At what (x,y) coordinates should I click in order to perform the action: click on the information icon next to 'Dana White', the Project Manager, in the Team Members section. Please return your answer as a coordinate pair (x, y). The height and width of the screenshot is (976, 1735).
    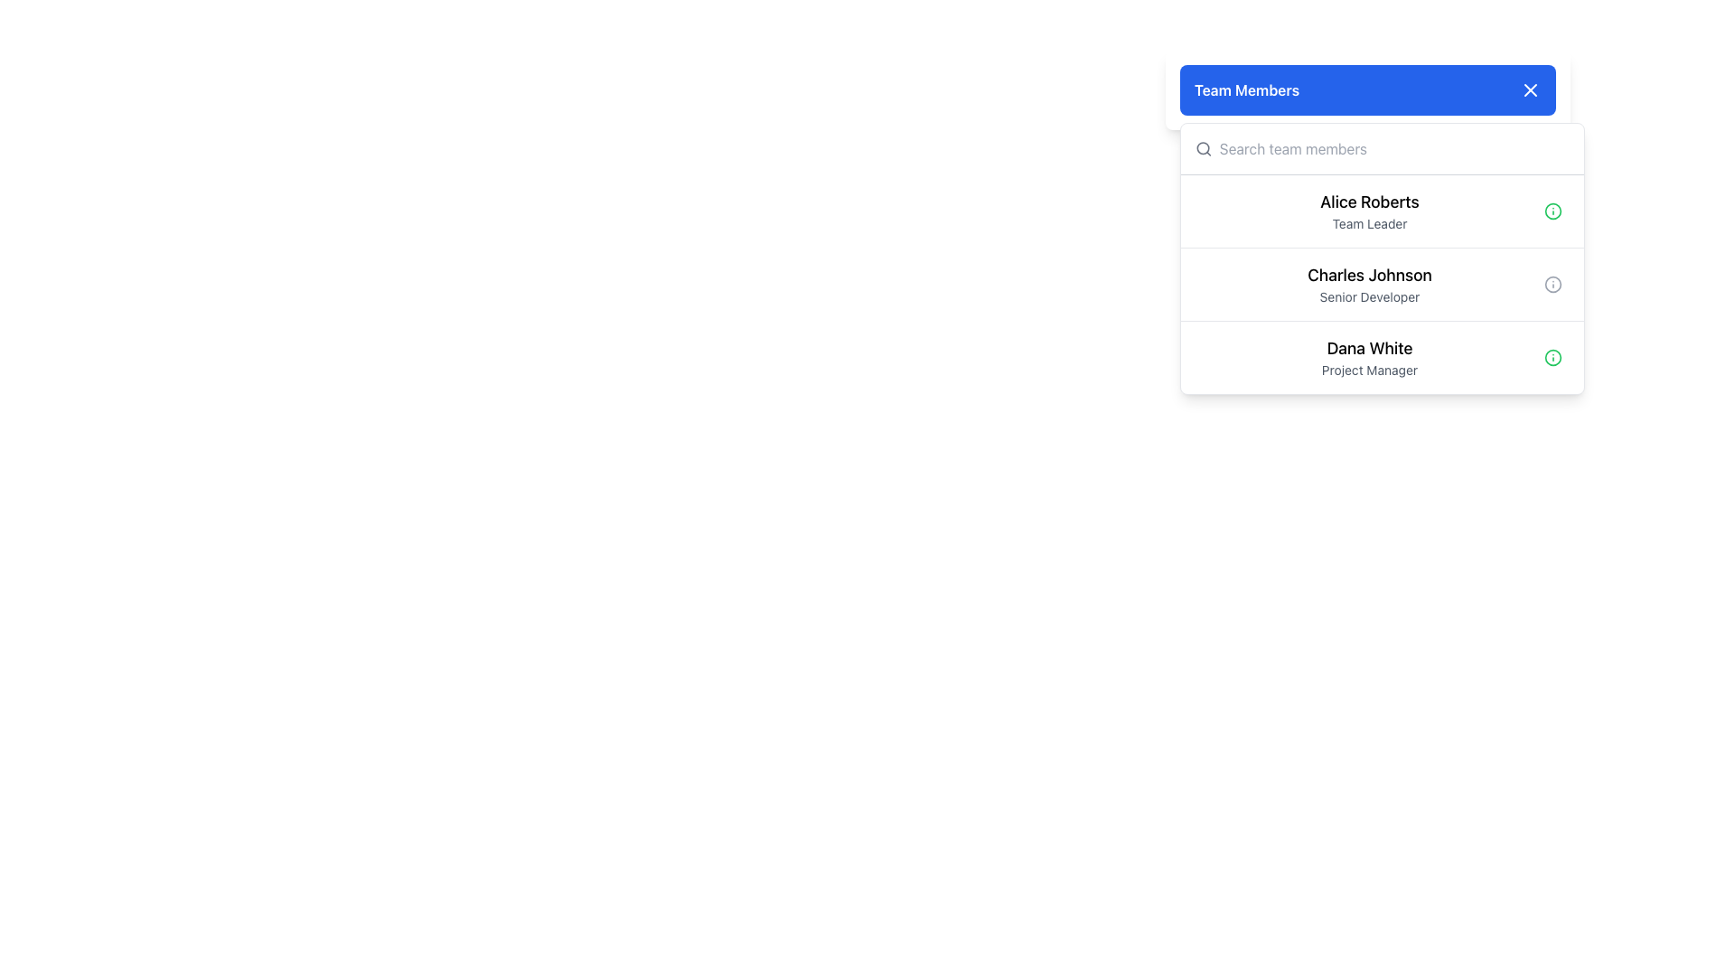
    Looking at the image, I should click on (1552, 358).